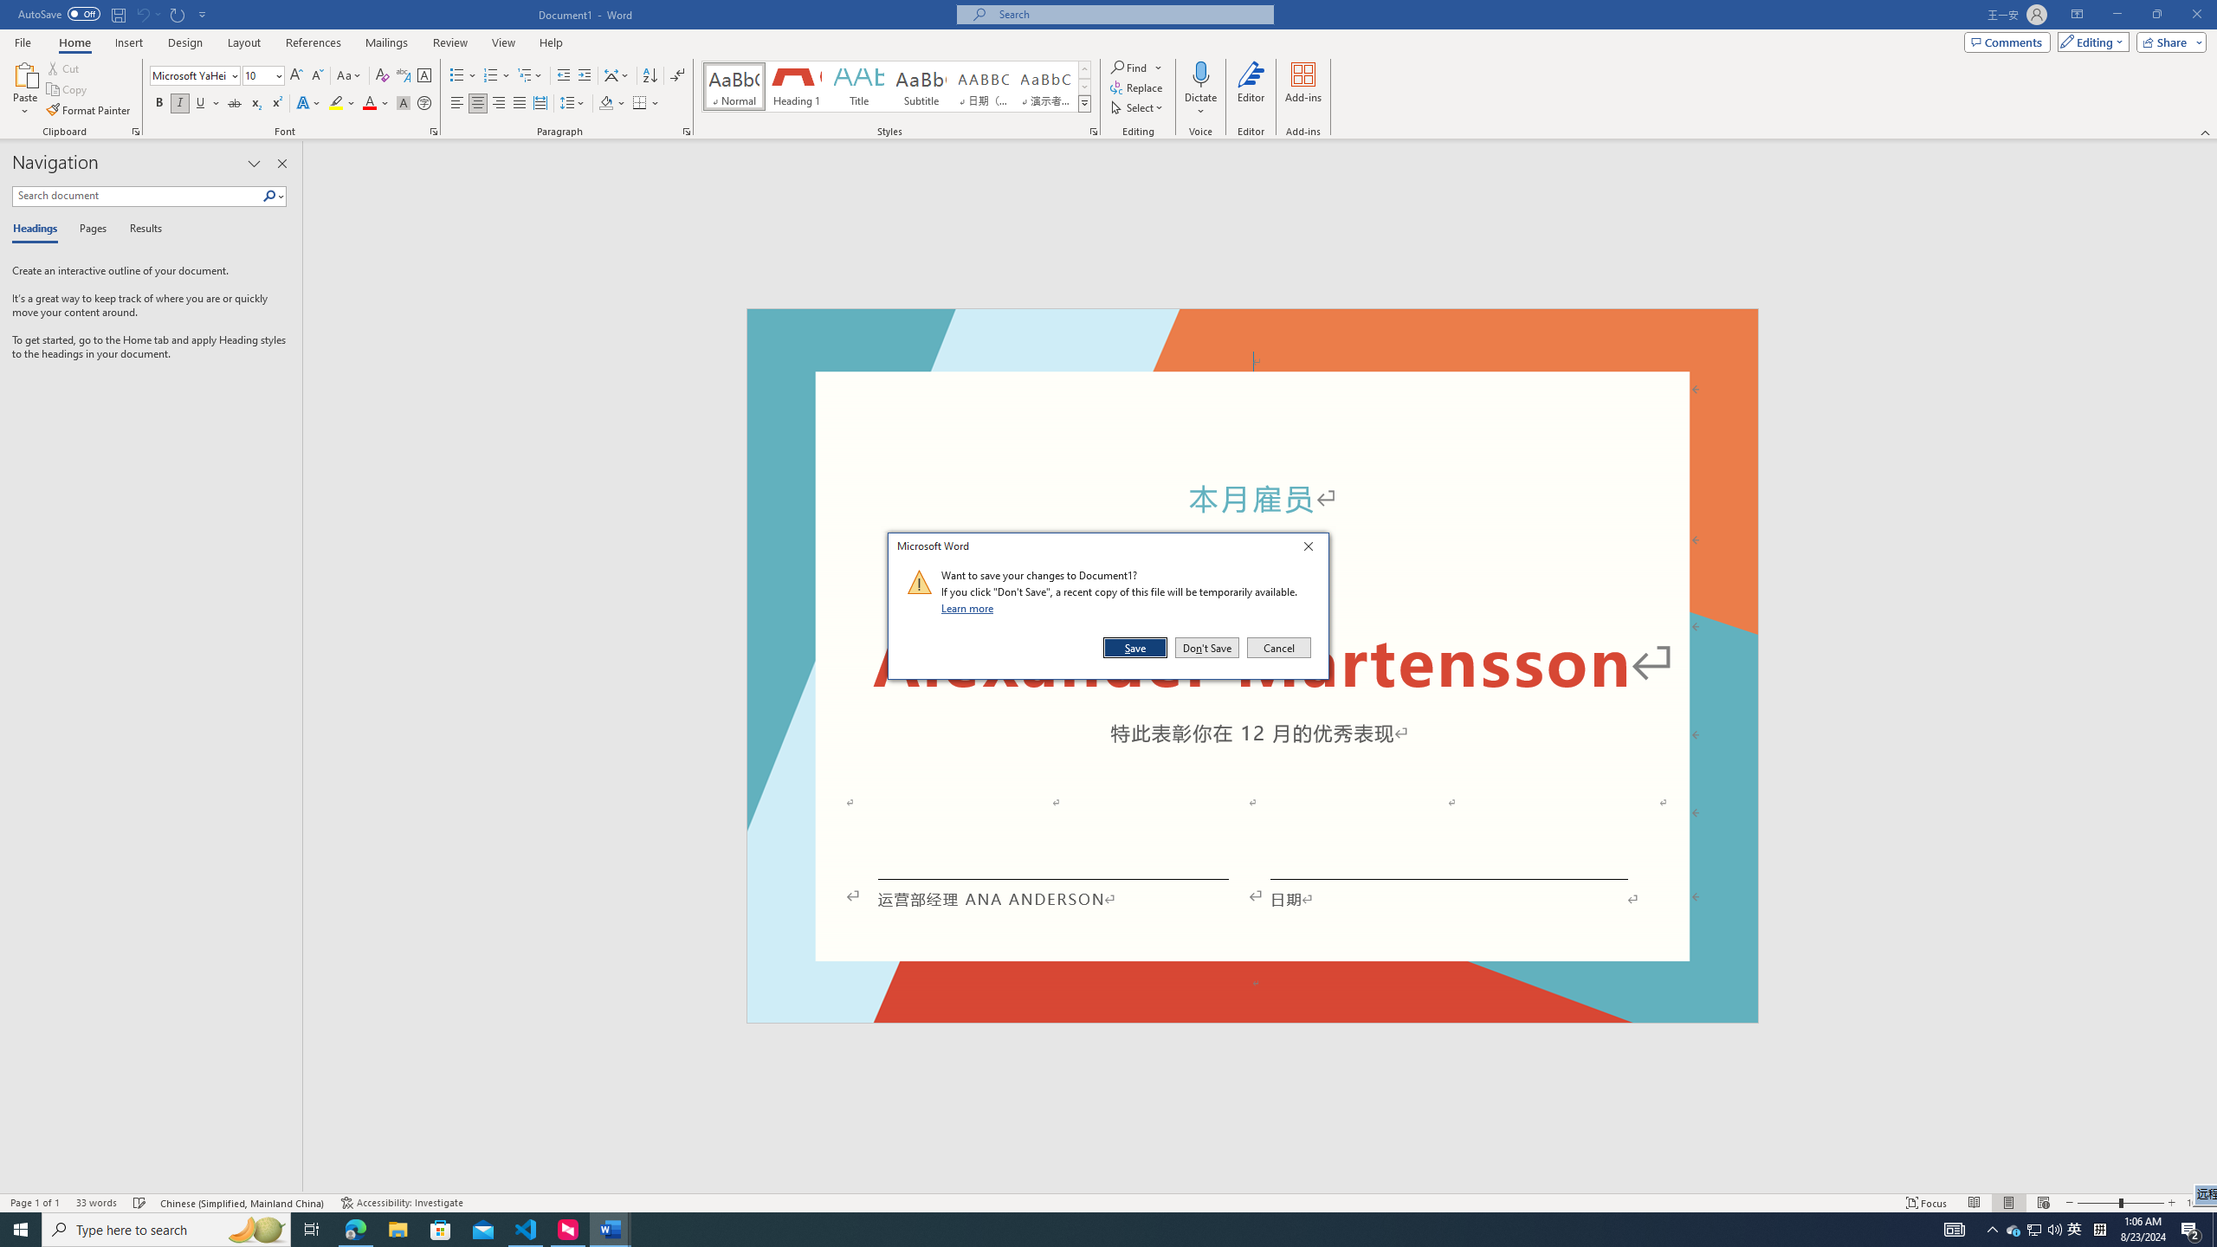 The height and width of the screenshot is (1247, 2217). What do you see at coordinates (1277, 647) in the screenshot?
I see `'Cancel'` at bounding box center [1277, 647].